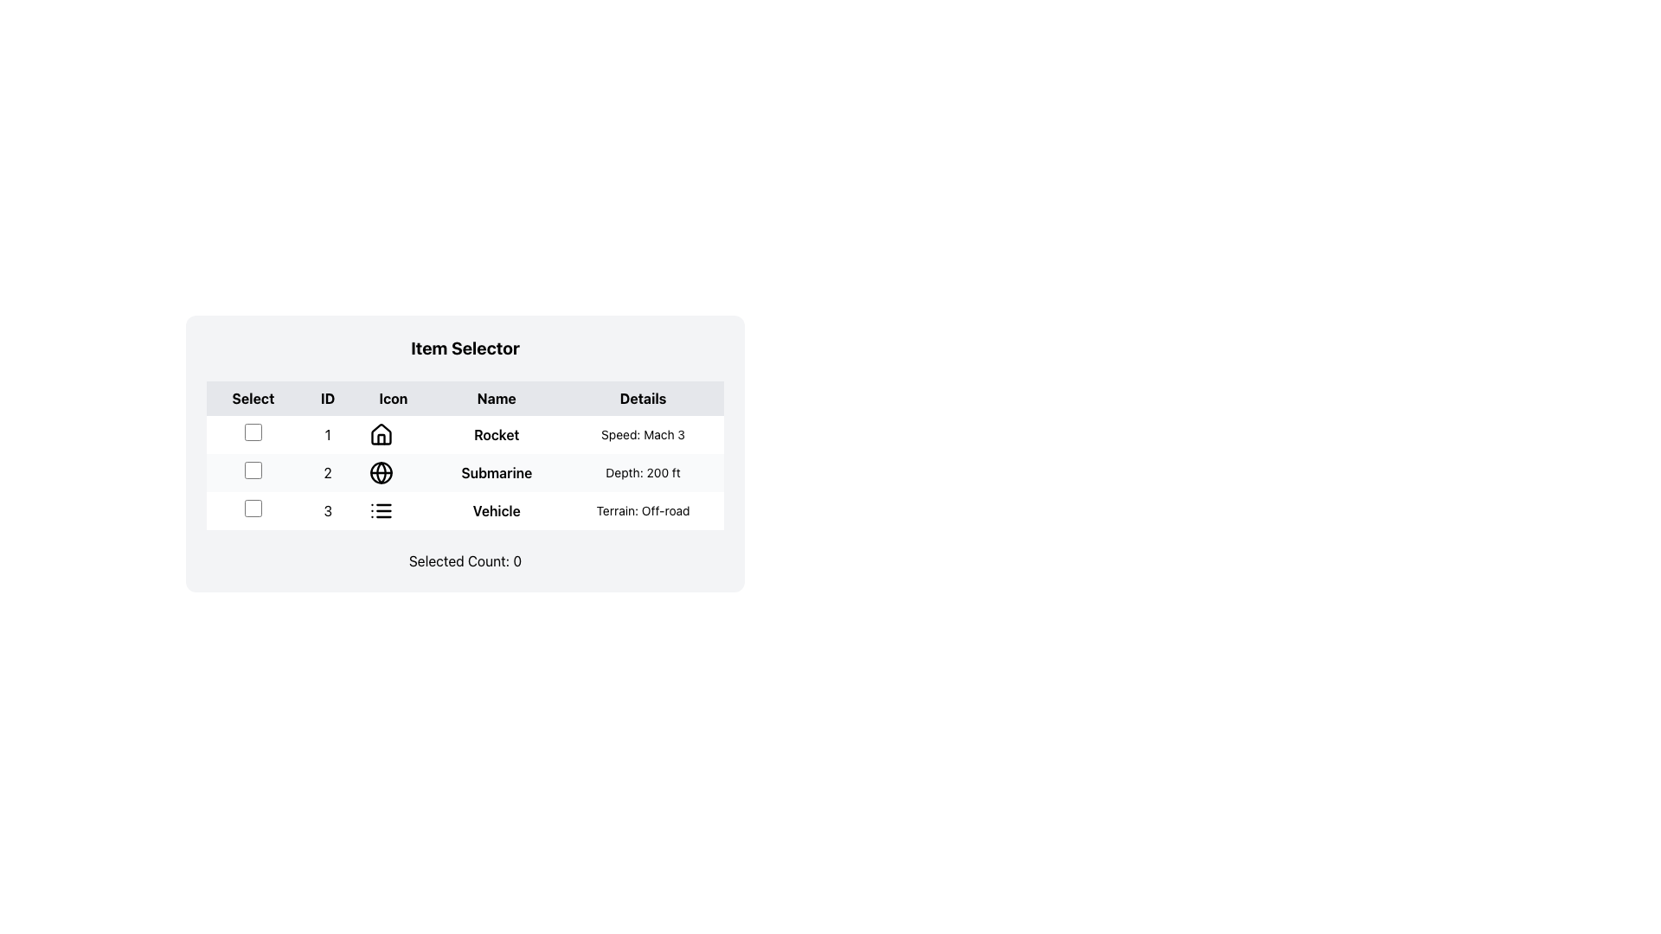 The width and height of the screenshot is (1661, 934). Describe the element at coordinates (642, 509) in the screenshot. I see `the text label displaying 'Terrain: Off-road' which is located in the 'Details' column of the third row in the 'Item Selector' table, aligned on the right side of the 'Vehicle' row` at that location.